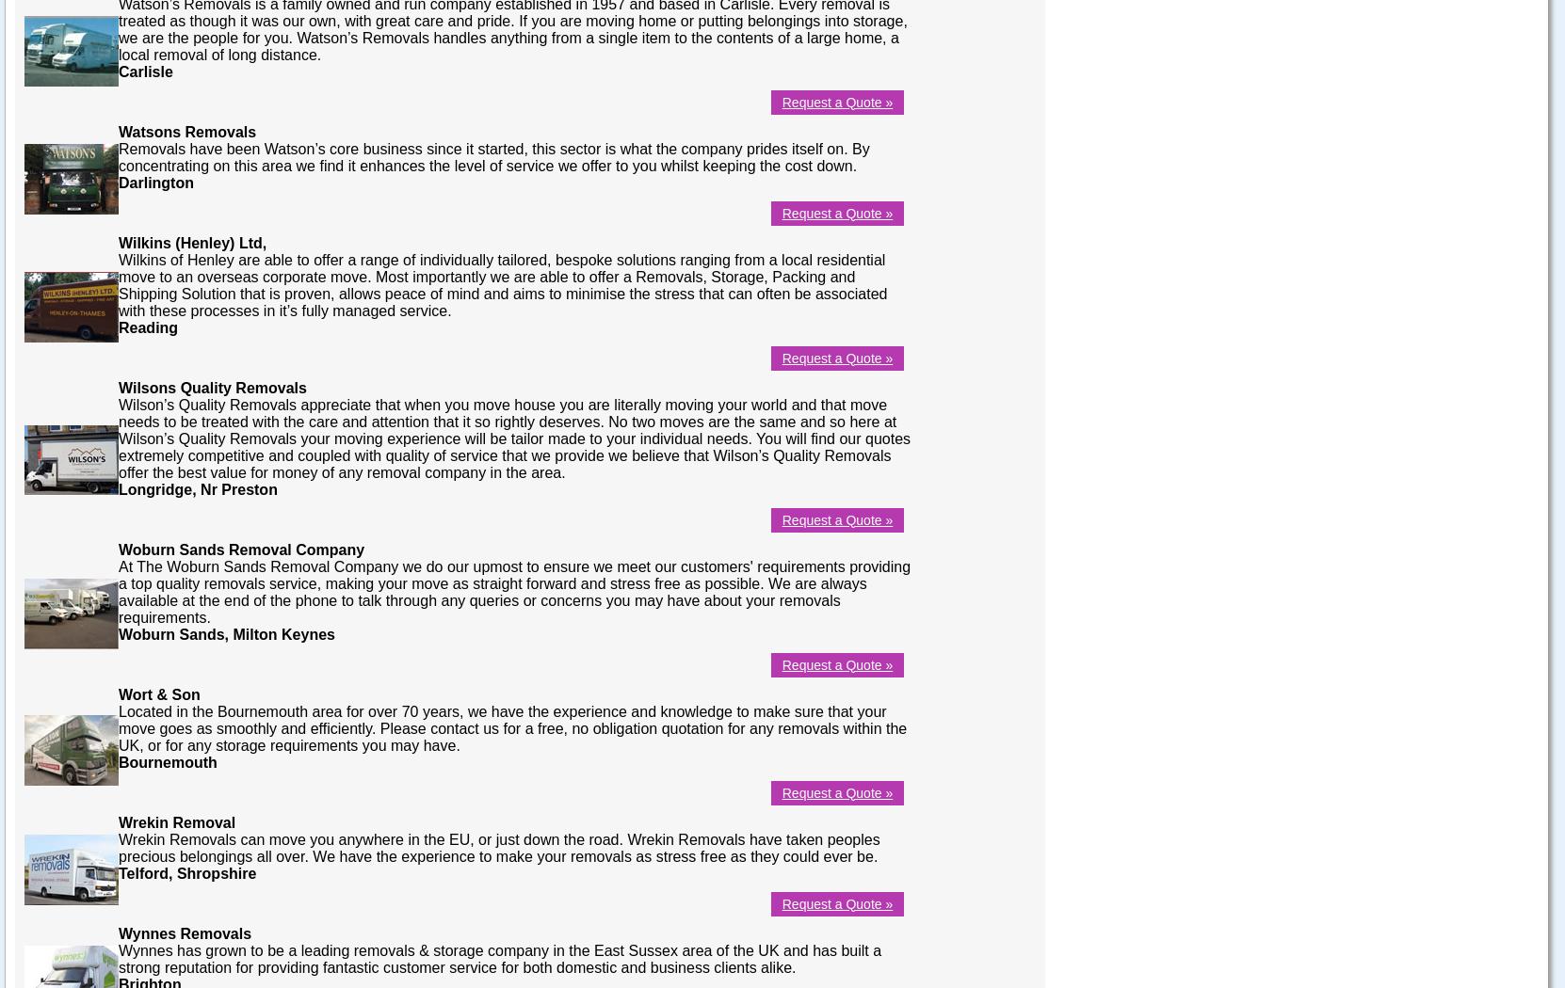  I want to click on 'Wynnes has grown to be a leading removals & storage company in the East Sussex area of the UK and has built a strong reputation for providing fantastic customer service for both domestic and business clients alike.', so click(499, 957).